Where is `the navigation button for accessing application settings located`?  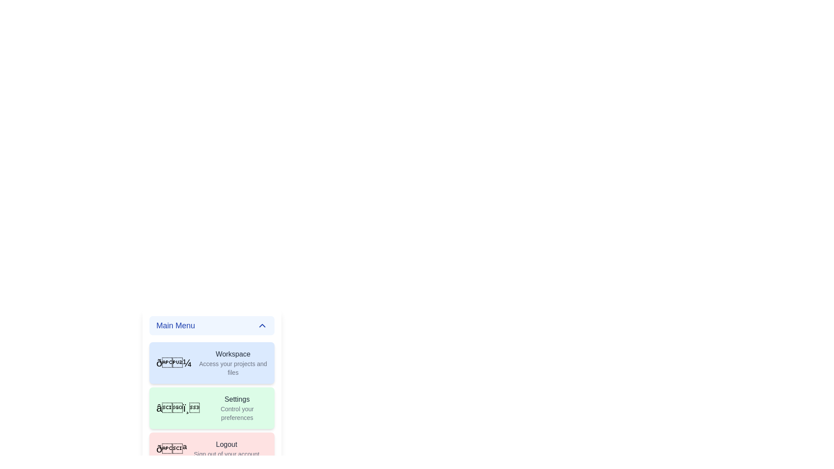
the navigation button for accessing application settings located is located at coordinates (212, 403).